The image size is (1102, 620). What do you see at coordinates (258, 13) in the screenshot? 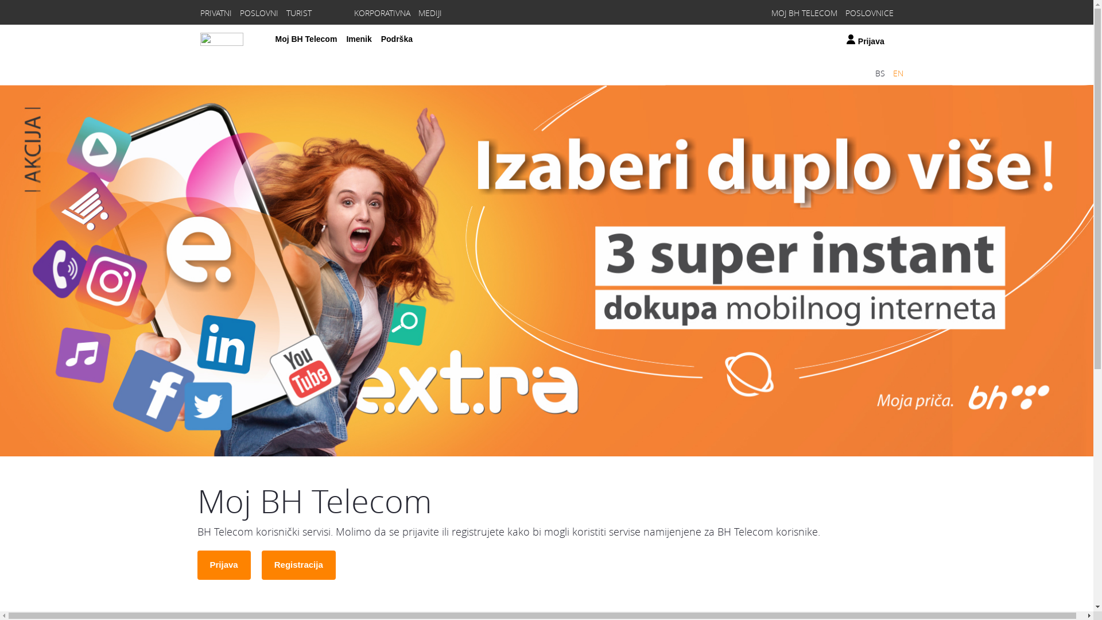
I see `'POSLOVNI'` at bounding box center [258, 13].